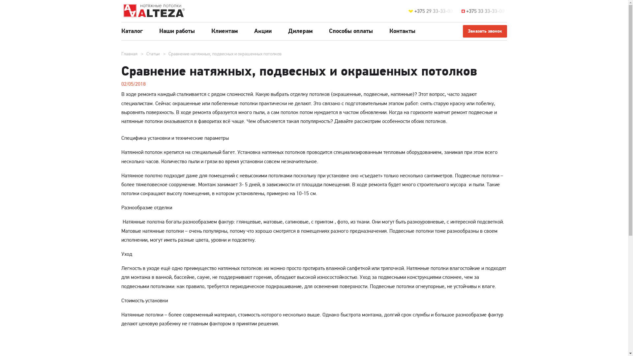 The image size is (633, 356). Describe the element at coordinates (435, 11) in the screenshot. I see `'+375 29 33-33-00'` at that location.